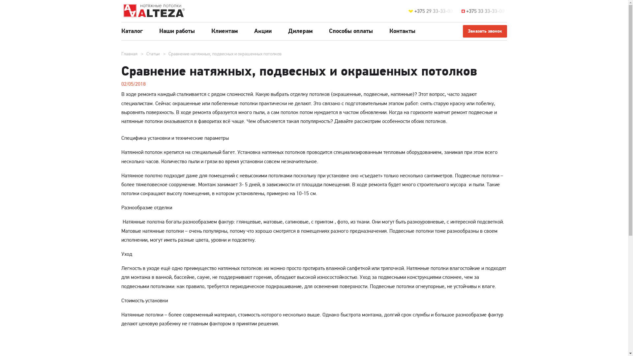 The image size is (633, 356). Describe the element at coordinates (435, 11) in the screenshot. I see `'+375 29 33-33-00'` at that location.